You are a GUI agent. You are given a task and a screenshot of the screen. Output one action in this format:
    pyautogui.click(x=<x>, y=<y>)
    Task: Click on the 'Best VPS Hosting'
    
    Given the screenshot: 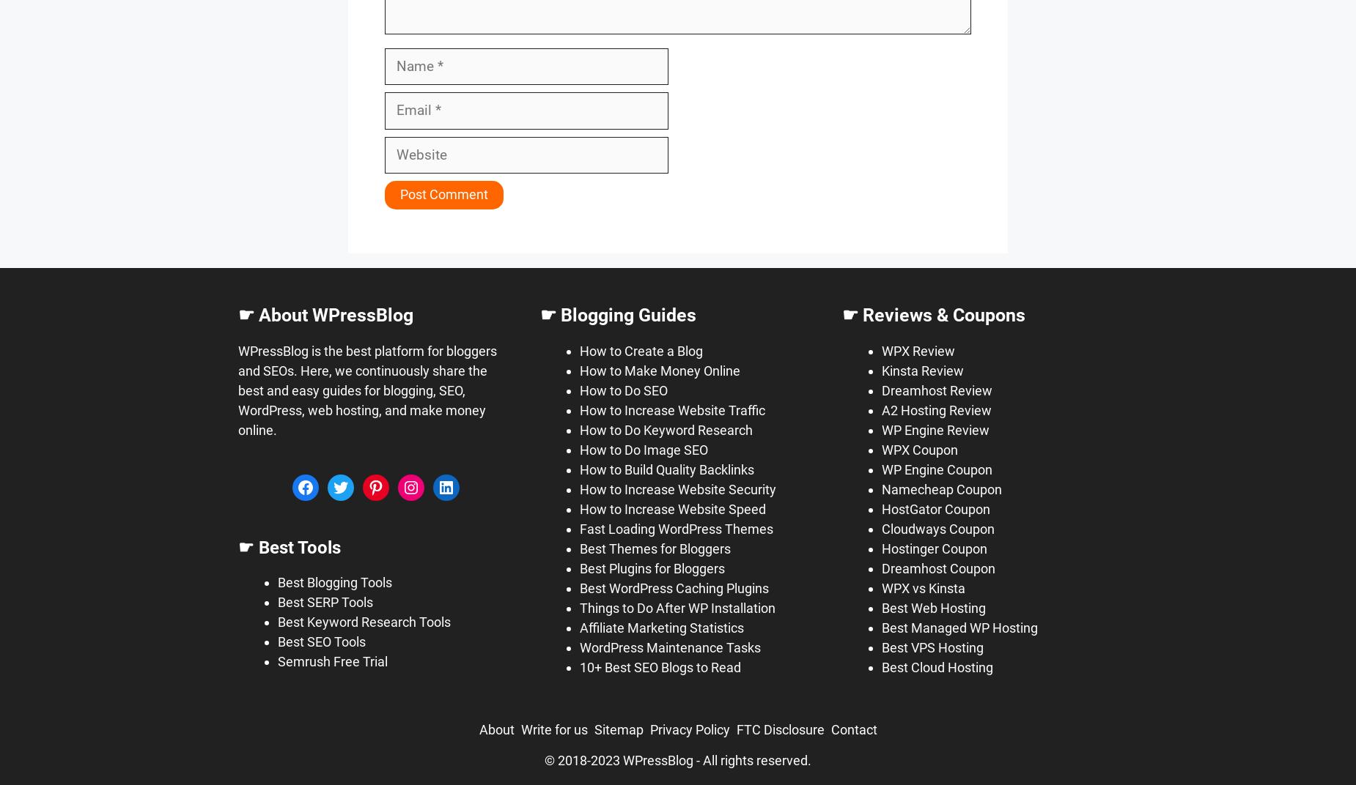 What is the action you would take?
    pyautogui.click(x=932, y=647)
    